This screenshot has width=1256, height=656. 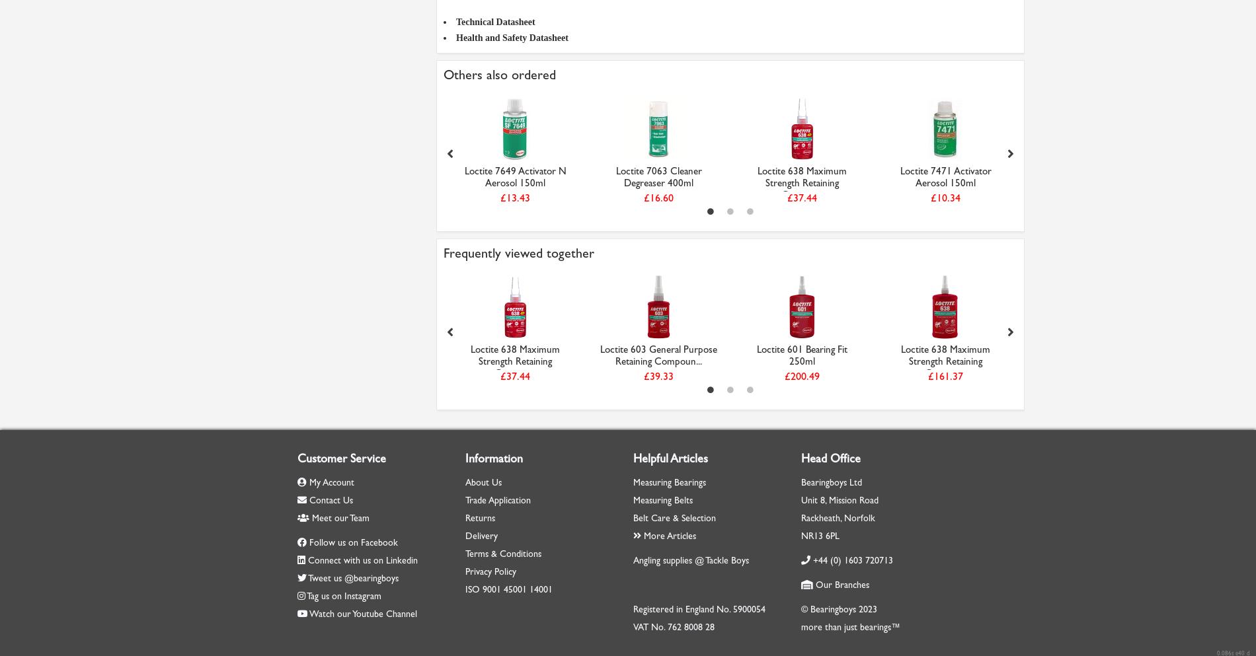 I want to click on 'About Us', so click(x=483, y=482).